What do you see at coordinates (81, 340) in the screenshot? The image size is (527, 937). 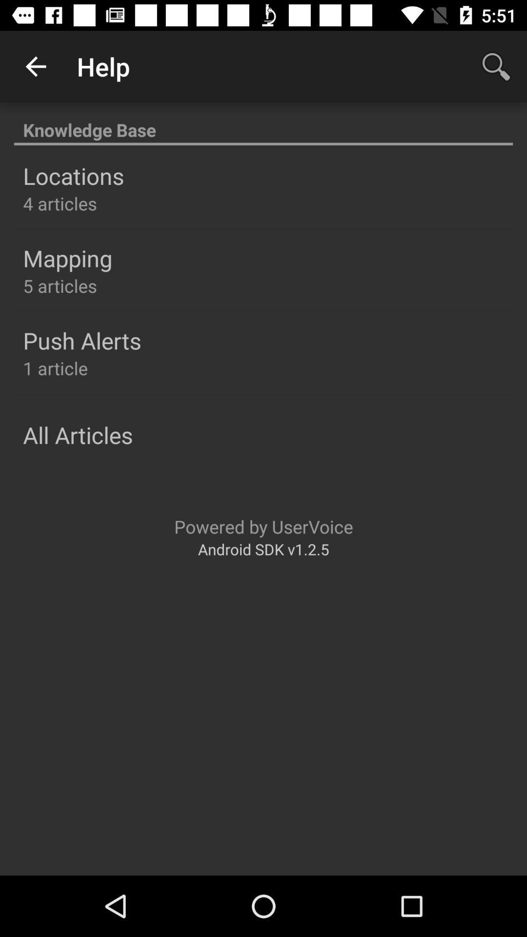 I see `the item above 1 article item` at bounding box center [81, 340].